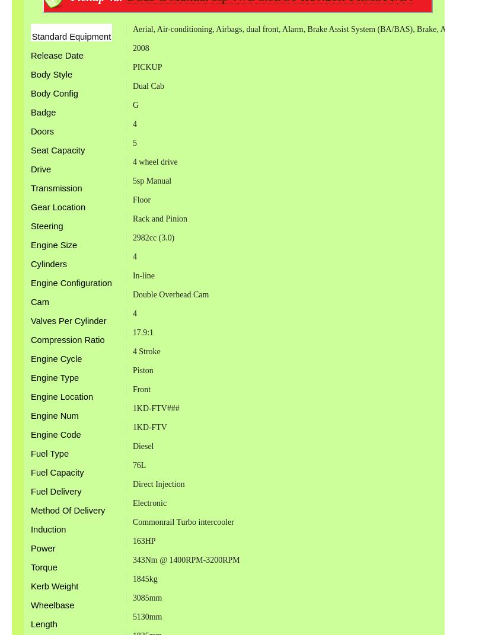 This screenshot has width=501, height=635. I want to click on '1KD-FTV###', so click(131, 408).